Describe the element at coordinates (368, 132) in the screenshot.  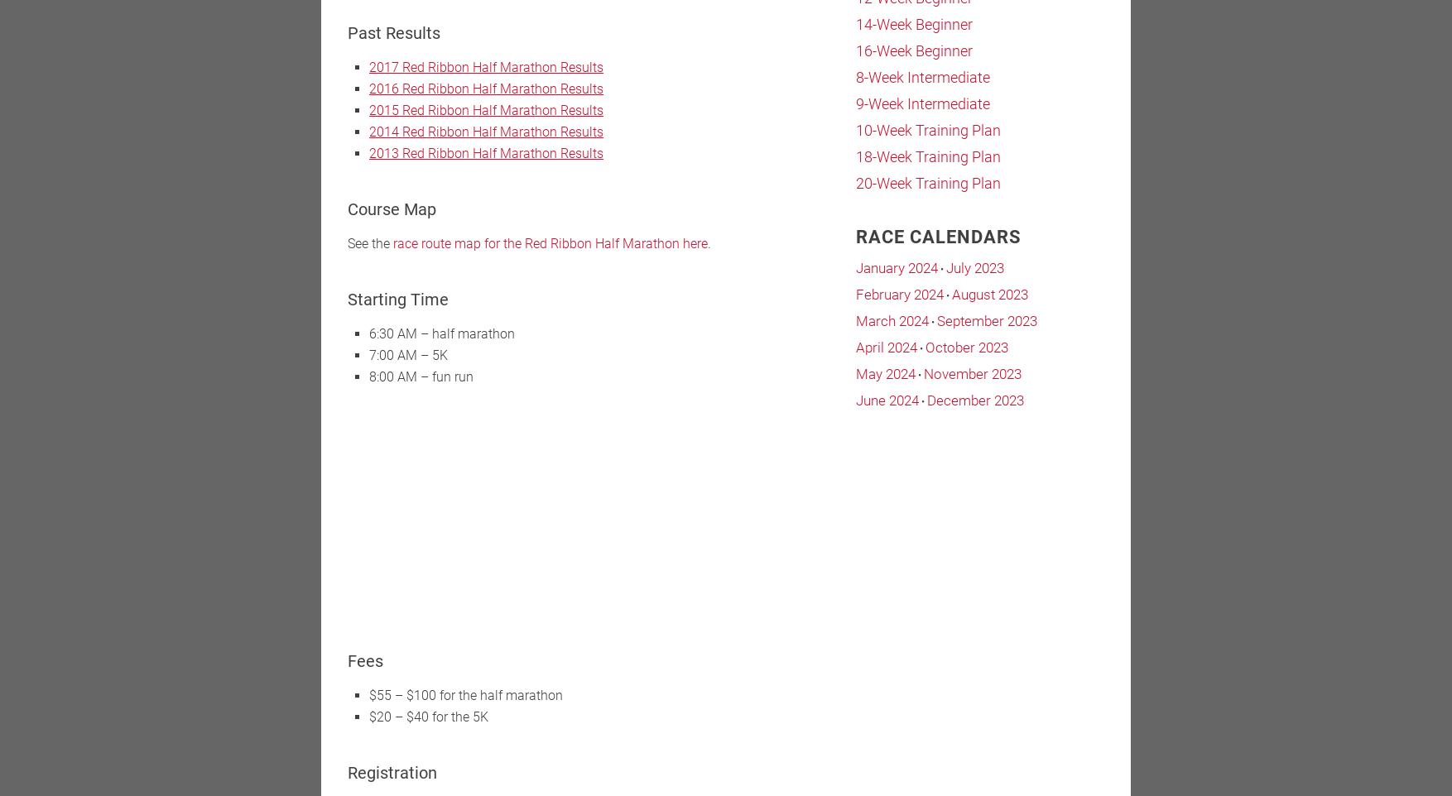
I see `'2014 Red Ribbon Half Marathon Results'` at that location.